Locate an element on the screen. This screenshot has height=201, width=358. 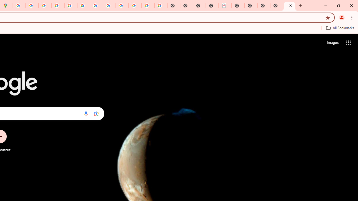
'LAAD Defence & Security 2025 | BAE Systems' is located at coordinates (225, 6).